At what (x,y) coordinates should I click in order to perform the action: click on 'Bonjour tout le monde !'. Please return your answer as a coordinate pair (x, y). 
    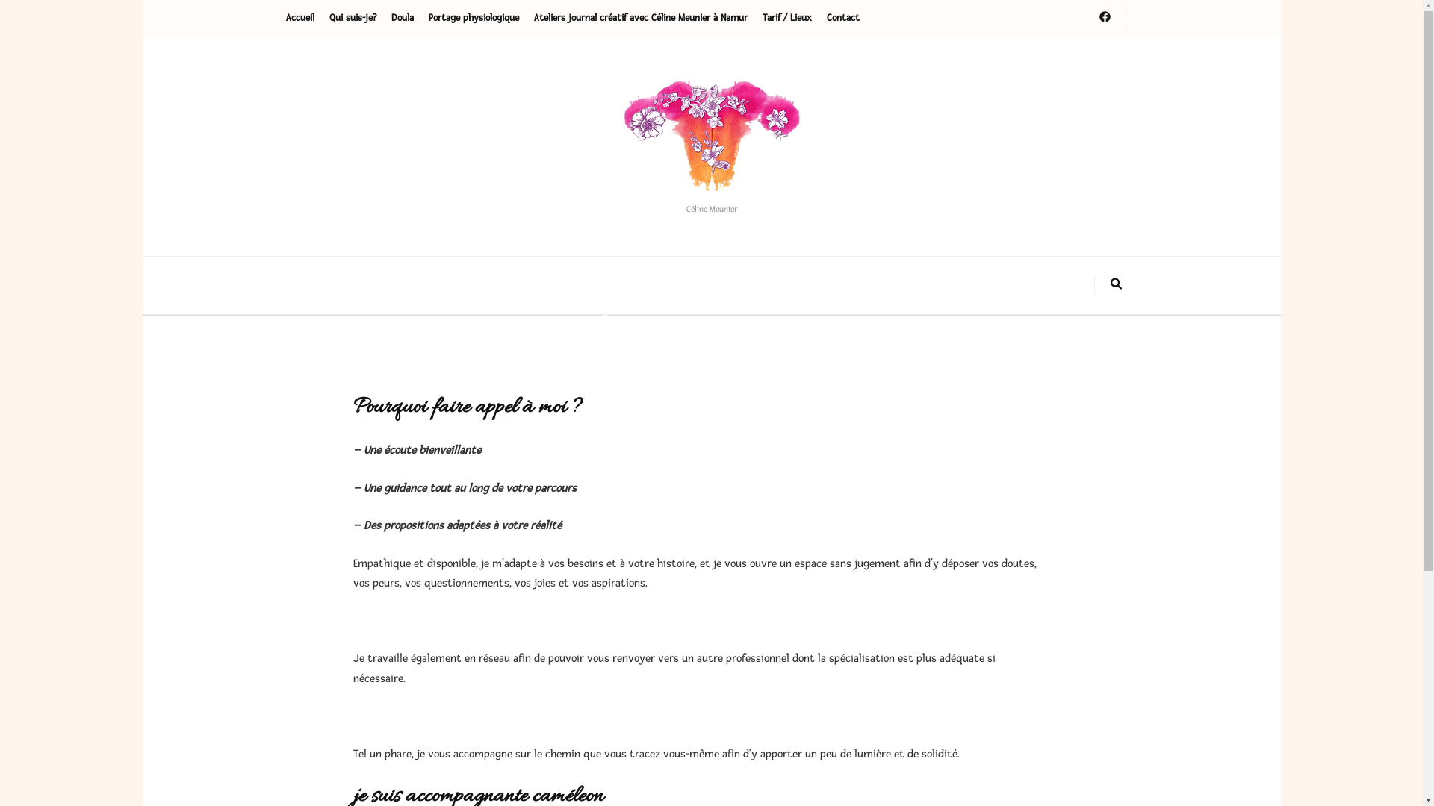
    Looking at the image, I should click on (710, 293).